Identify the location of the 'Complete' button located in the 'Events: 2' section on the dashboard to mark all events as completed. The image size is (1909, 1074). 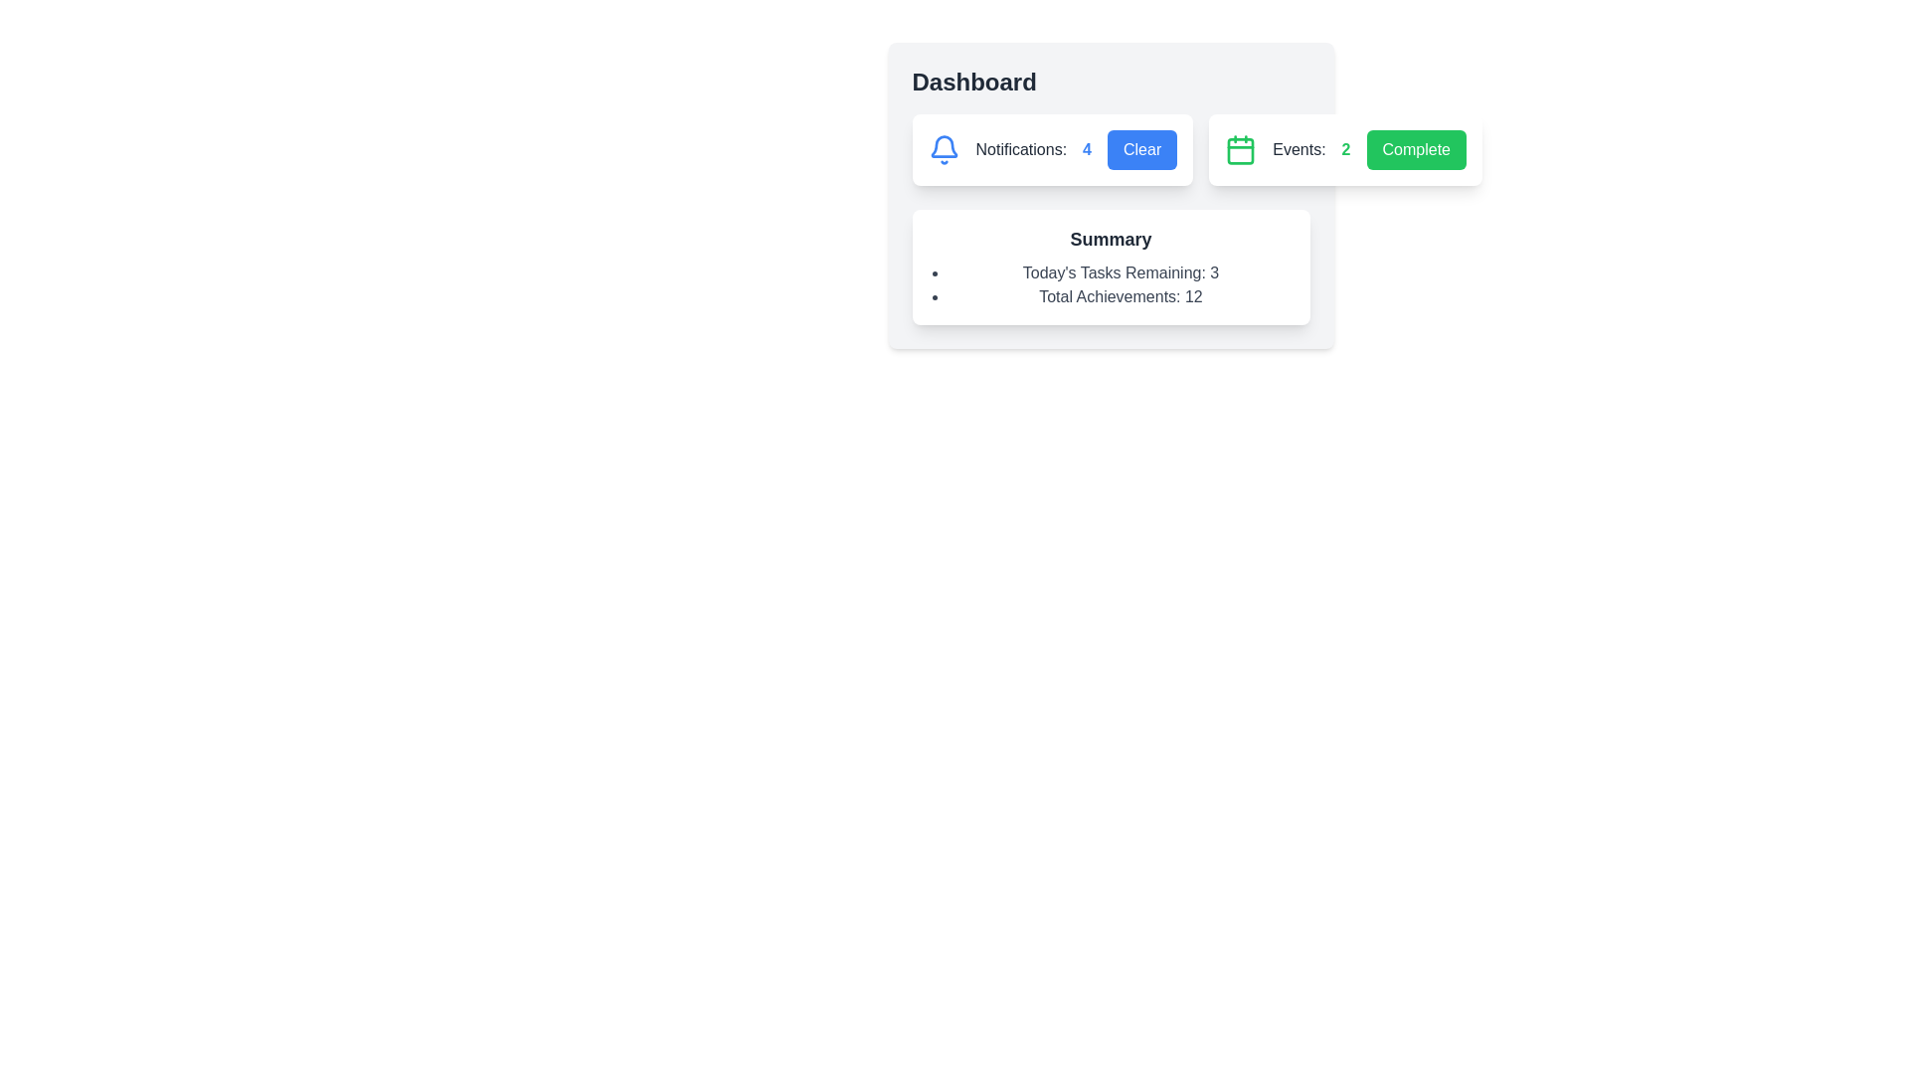
(1415, 148).